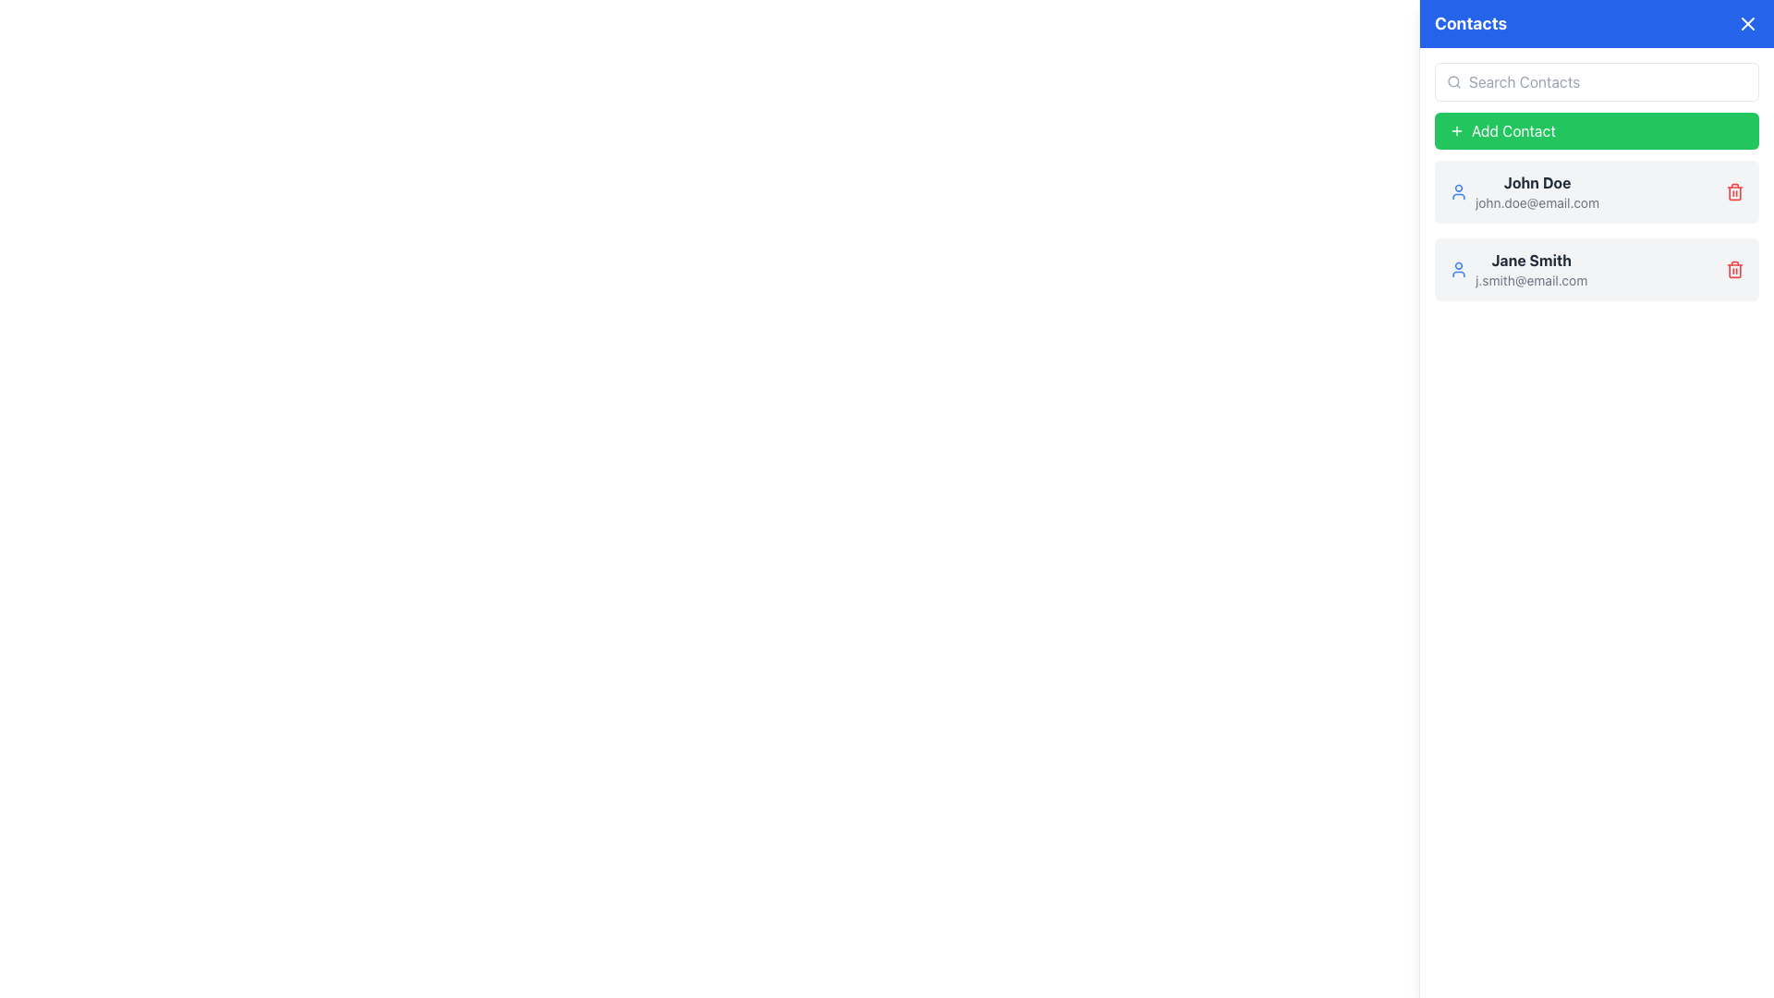  Describe the element at coordinates (1733, 192) in the screenshot. I see `the red trash bin icon button located at the far right of the item card displaying 'John Doe' and 'john.doe@email.com' to initiate the delete action` at that location.